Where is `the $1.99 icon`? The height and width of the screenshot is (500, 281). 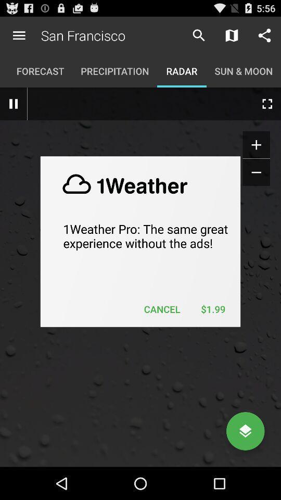 the $1.99 icon is located at coordinates (212, 309).